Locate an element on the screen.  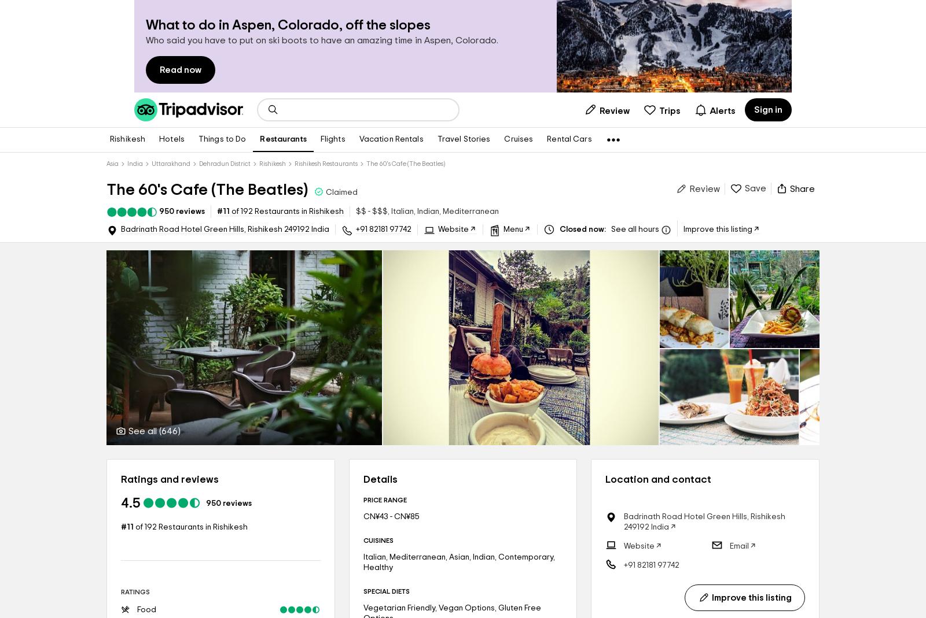
'Closed now' is located at coordinates (580, 230).